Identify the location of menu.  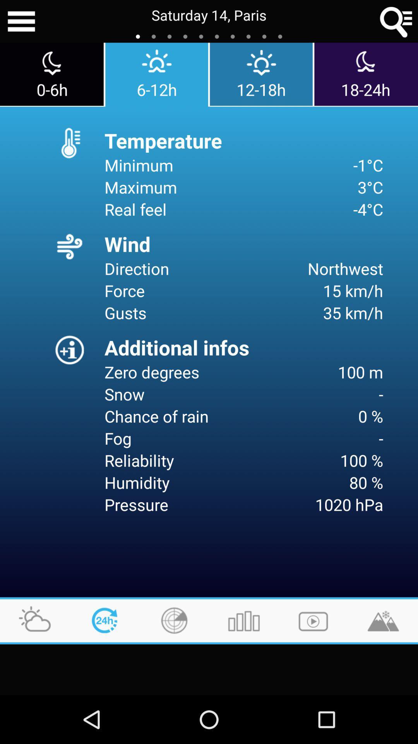
(21, 21).